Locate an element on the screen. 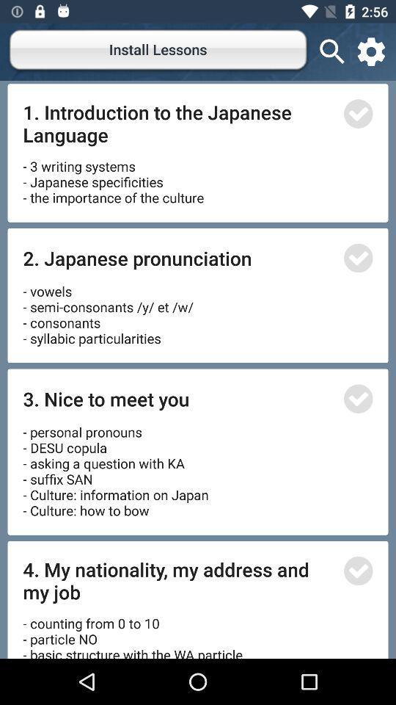 The image size is (396, 705). confirm lesson is located at coordinates (357, 258).